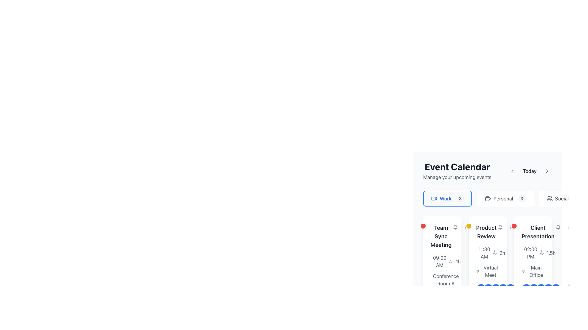 The width and height of the screenshot is (588, 330). Describe the element at coordinates (479, 254) in the screenshot. I see `the central circular shape of the clock icon within the 'Product Review' event card` at that location.